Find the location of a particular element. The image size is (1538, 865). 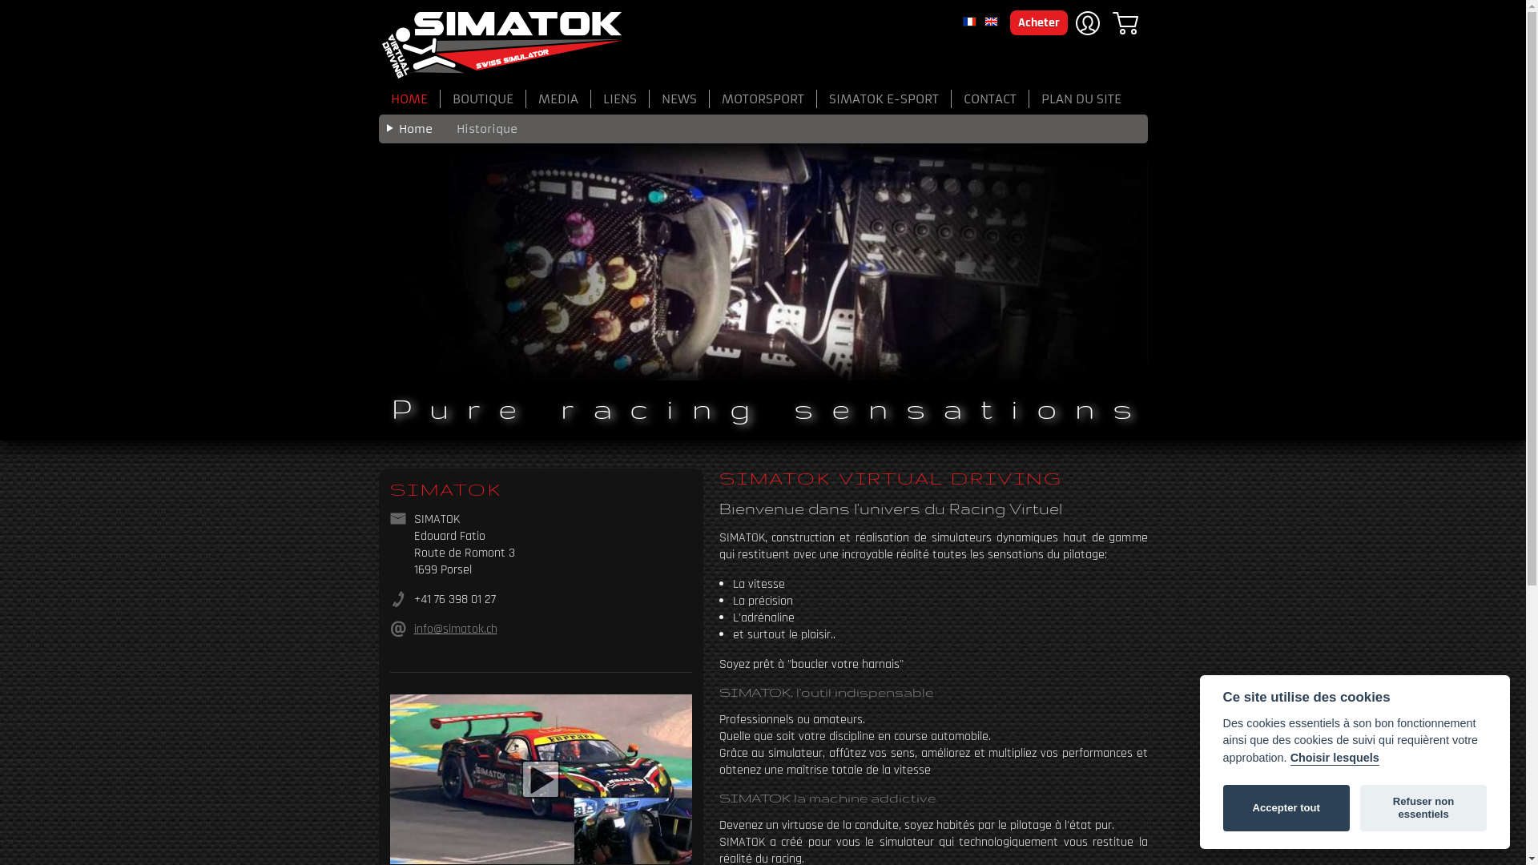

'HOME' is located at coordinates (376, 99).